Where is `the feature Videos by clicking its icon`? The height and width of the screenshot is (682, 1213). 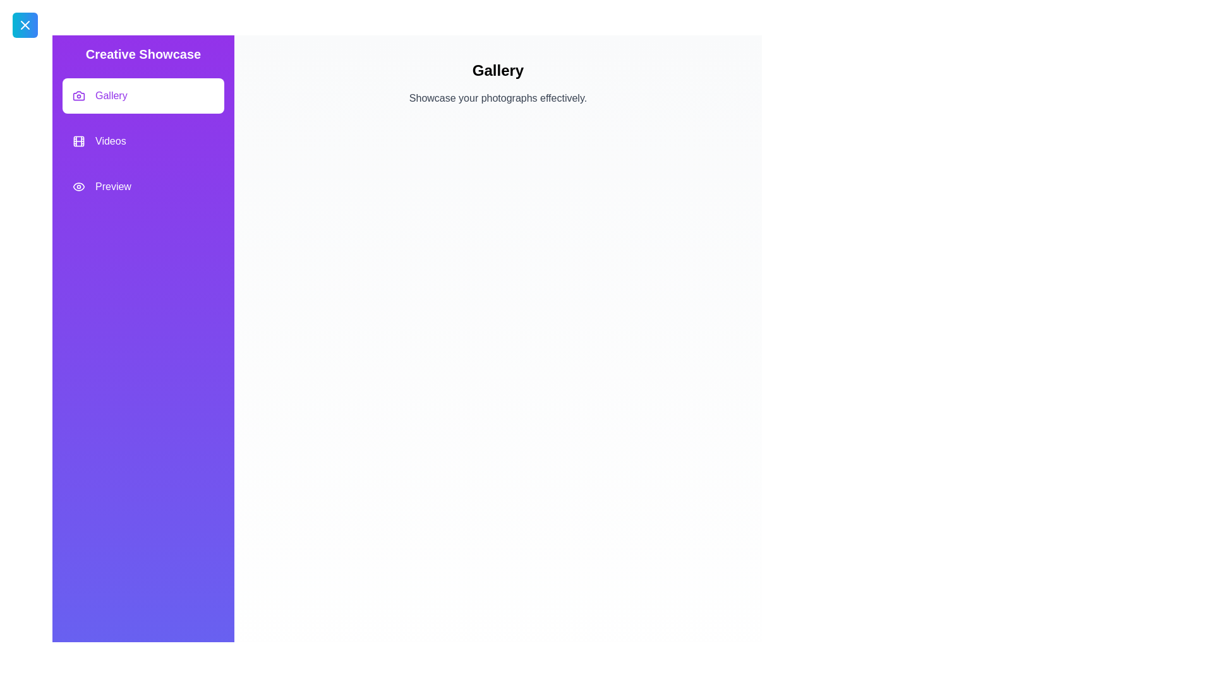
the feature Videos by clicking its icon is located at coordinates (78, 141).